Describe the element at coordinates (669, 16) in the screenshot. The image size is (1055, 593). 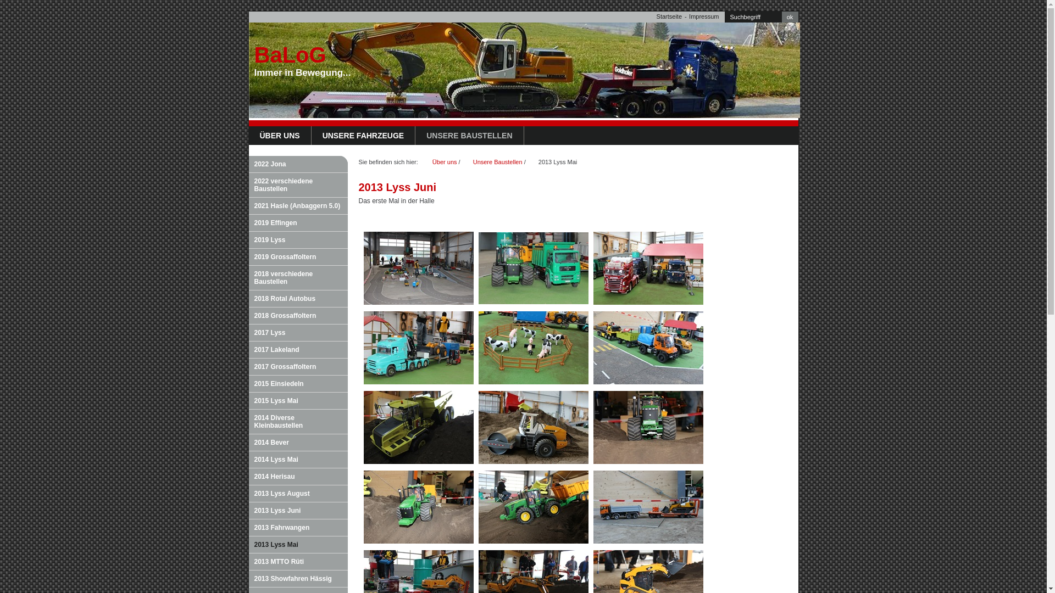
I see `'Startseite'` at that location.